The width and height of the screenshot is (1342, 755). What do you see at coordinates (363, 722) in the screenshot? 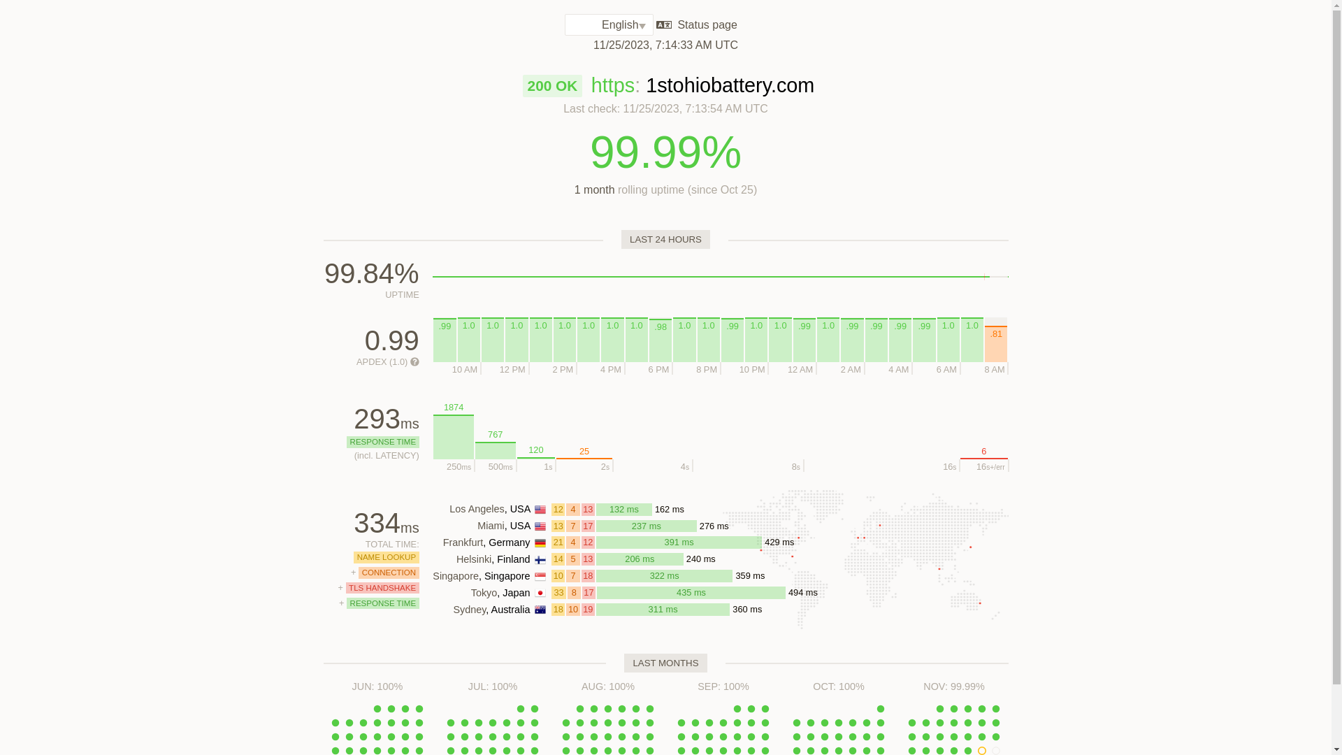
I see `'<small>Jun 07:</small> No downtime'` at bounding box center [363, 722].